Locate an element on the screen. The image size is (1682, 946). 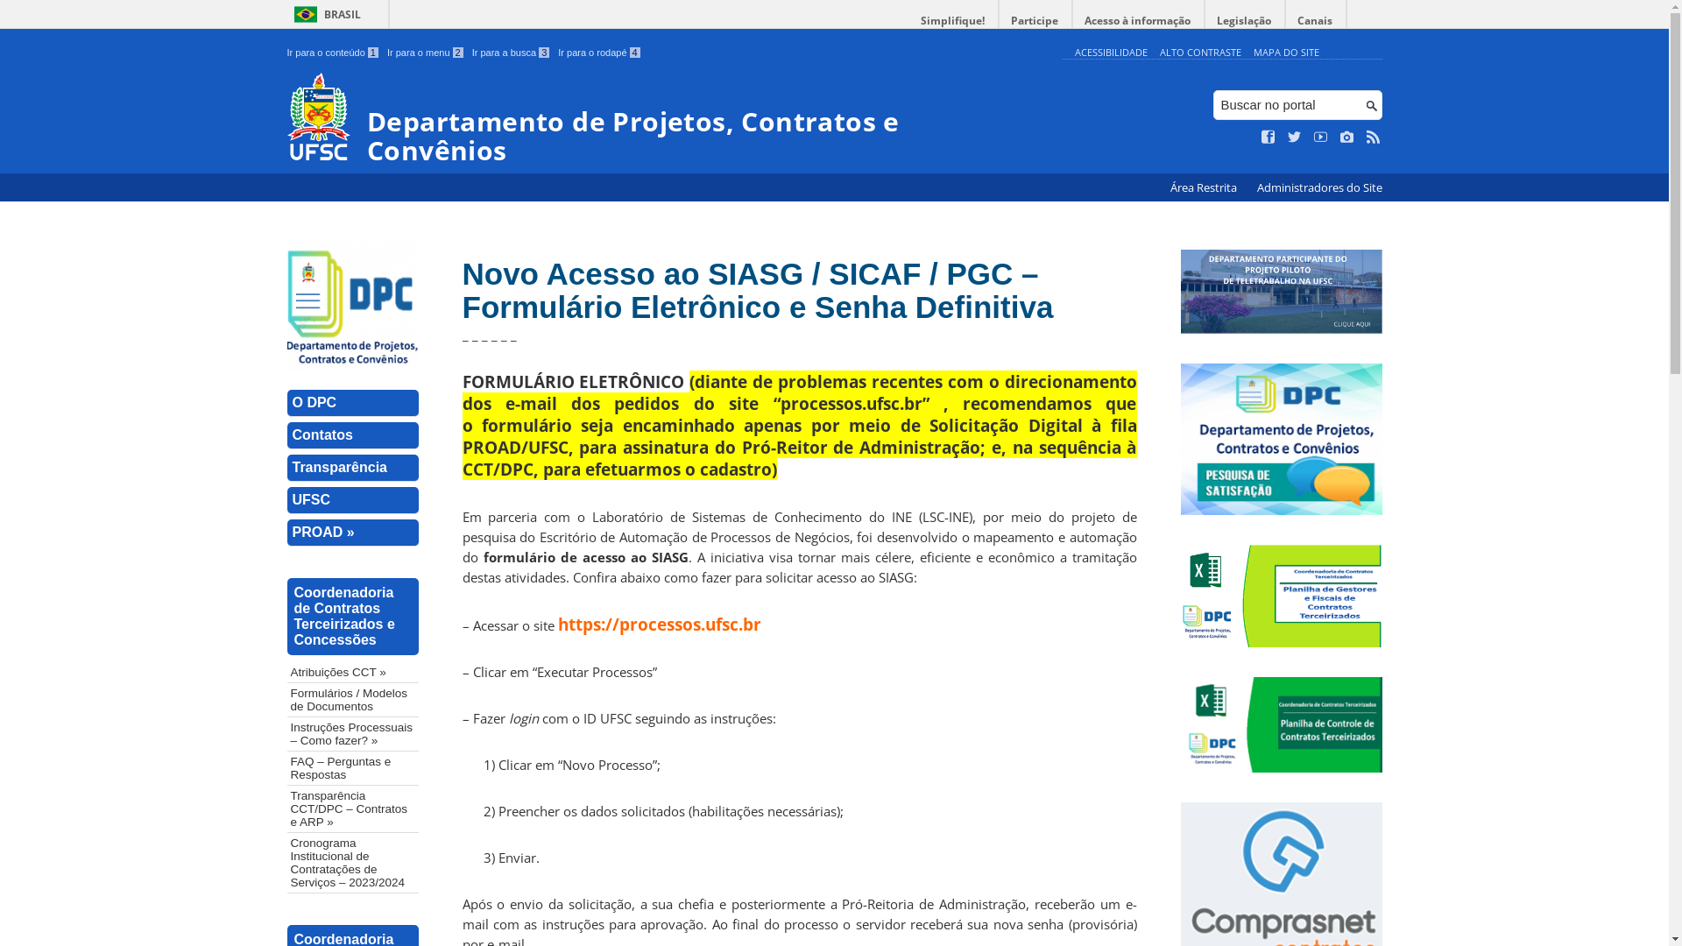
'BRASIL' is located at coordinates (324, 14).